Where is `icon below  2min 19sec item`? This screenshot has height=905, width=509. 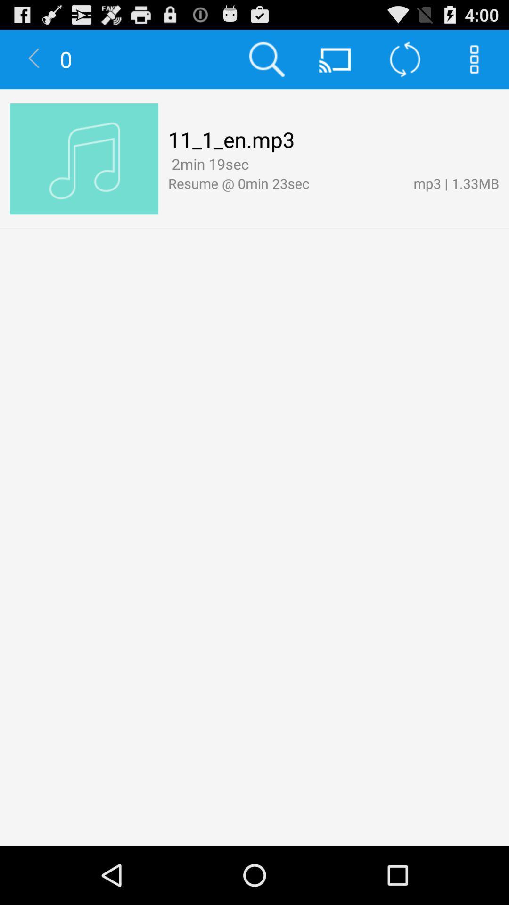 icon below  2min 19sec item is located at coordinates (285, 183).